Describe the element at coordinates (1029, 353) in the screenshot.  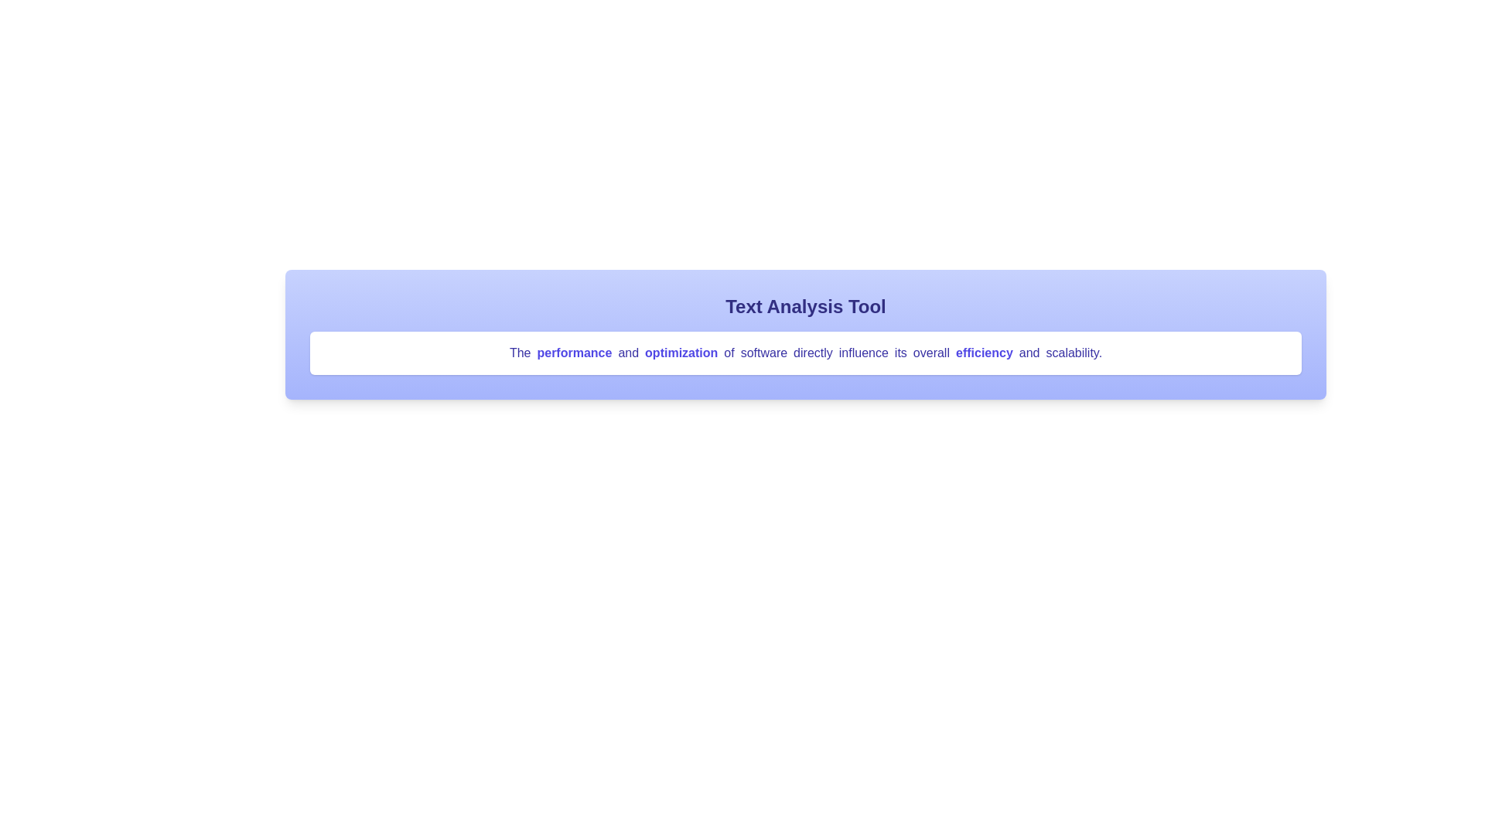
I see `the text element containing the word 'and', styled in blue, positioned between 'efficiency' and 'scalability' in a sentence` at that location.